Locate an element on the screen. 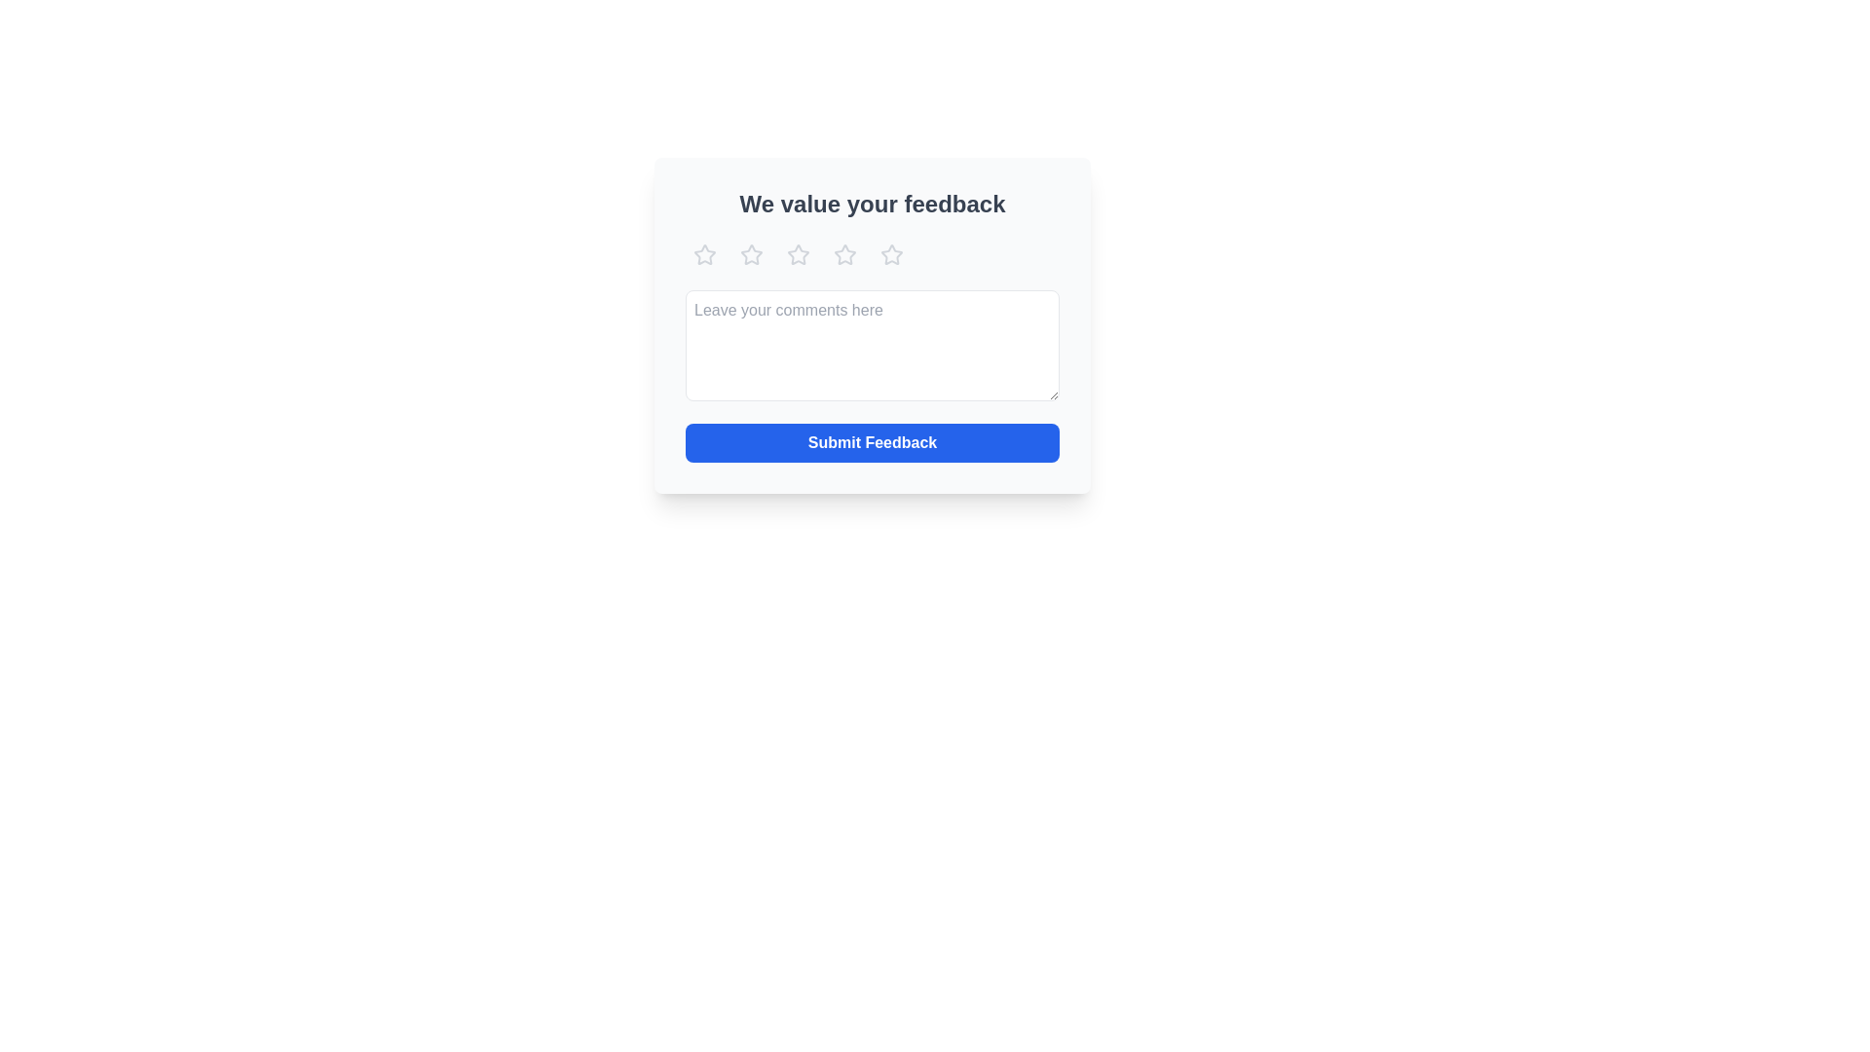  the fifth star-shaped icon in a row of five interactive rating controls near the top of the feedback form is located at coordinates (891, 253).